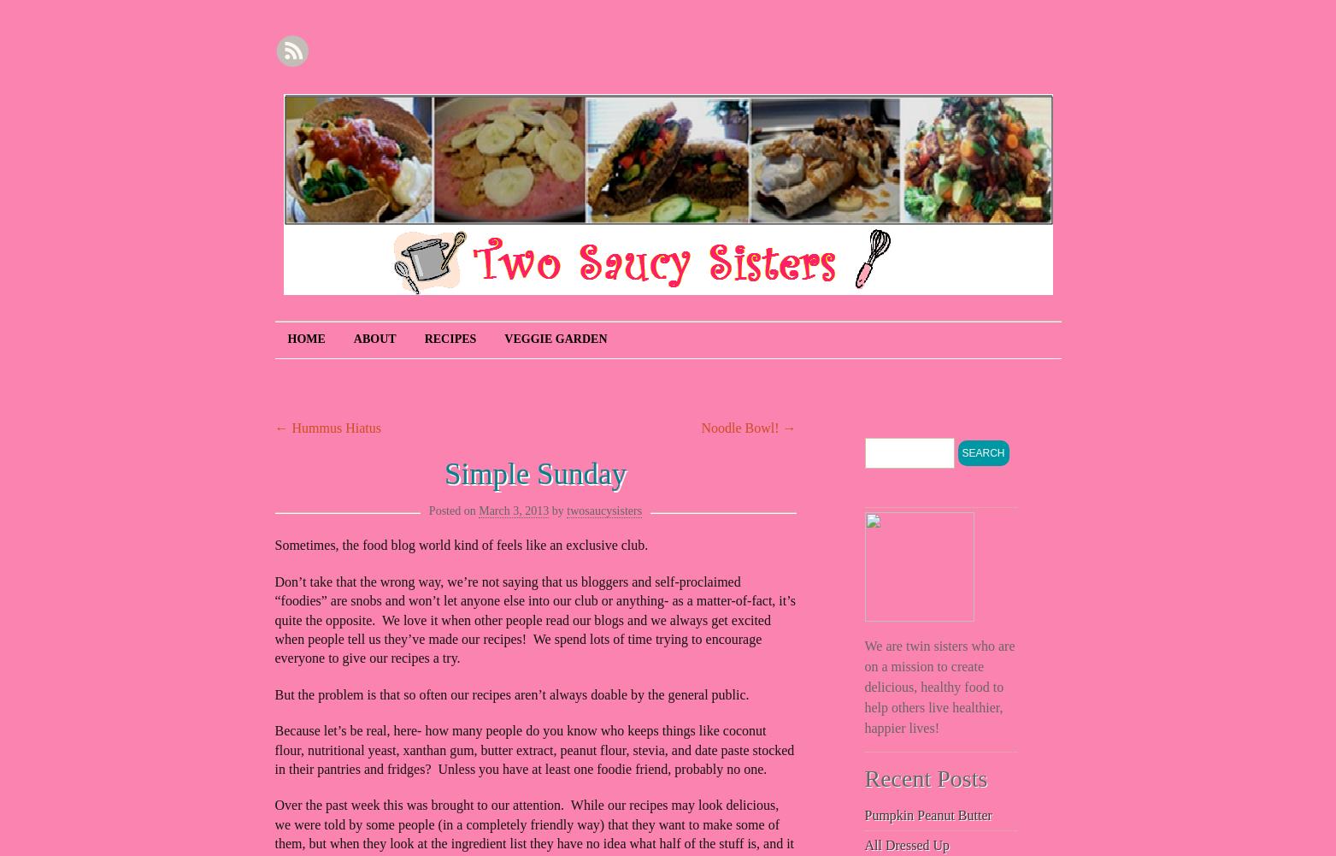  Describe the element at coordinates (450, 510) in the screenshot. I see `'Posted on'` at that location.